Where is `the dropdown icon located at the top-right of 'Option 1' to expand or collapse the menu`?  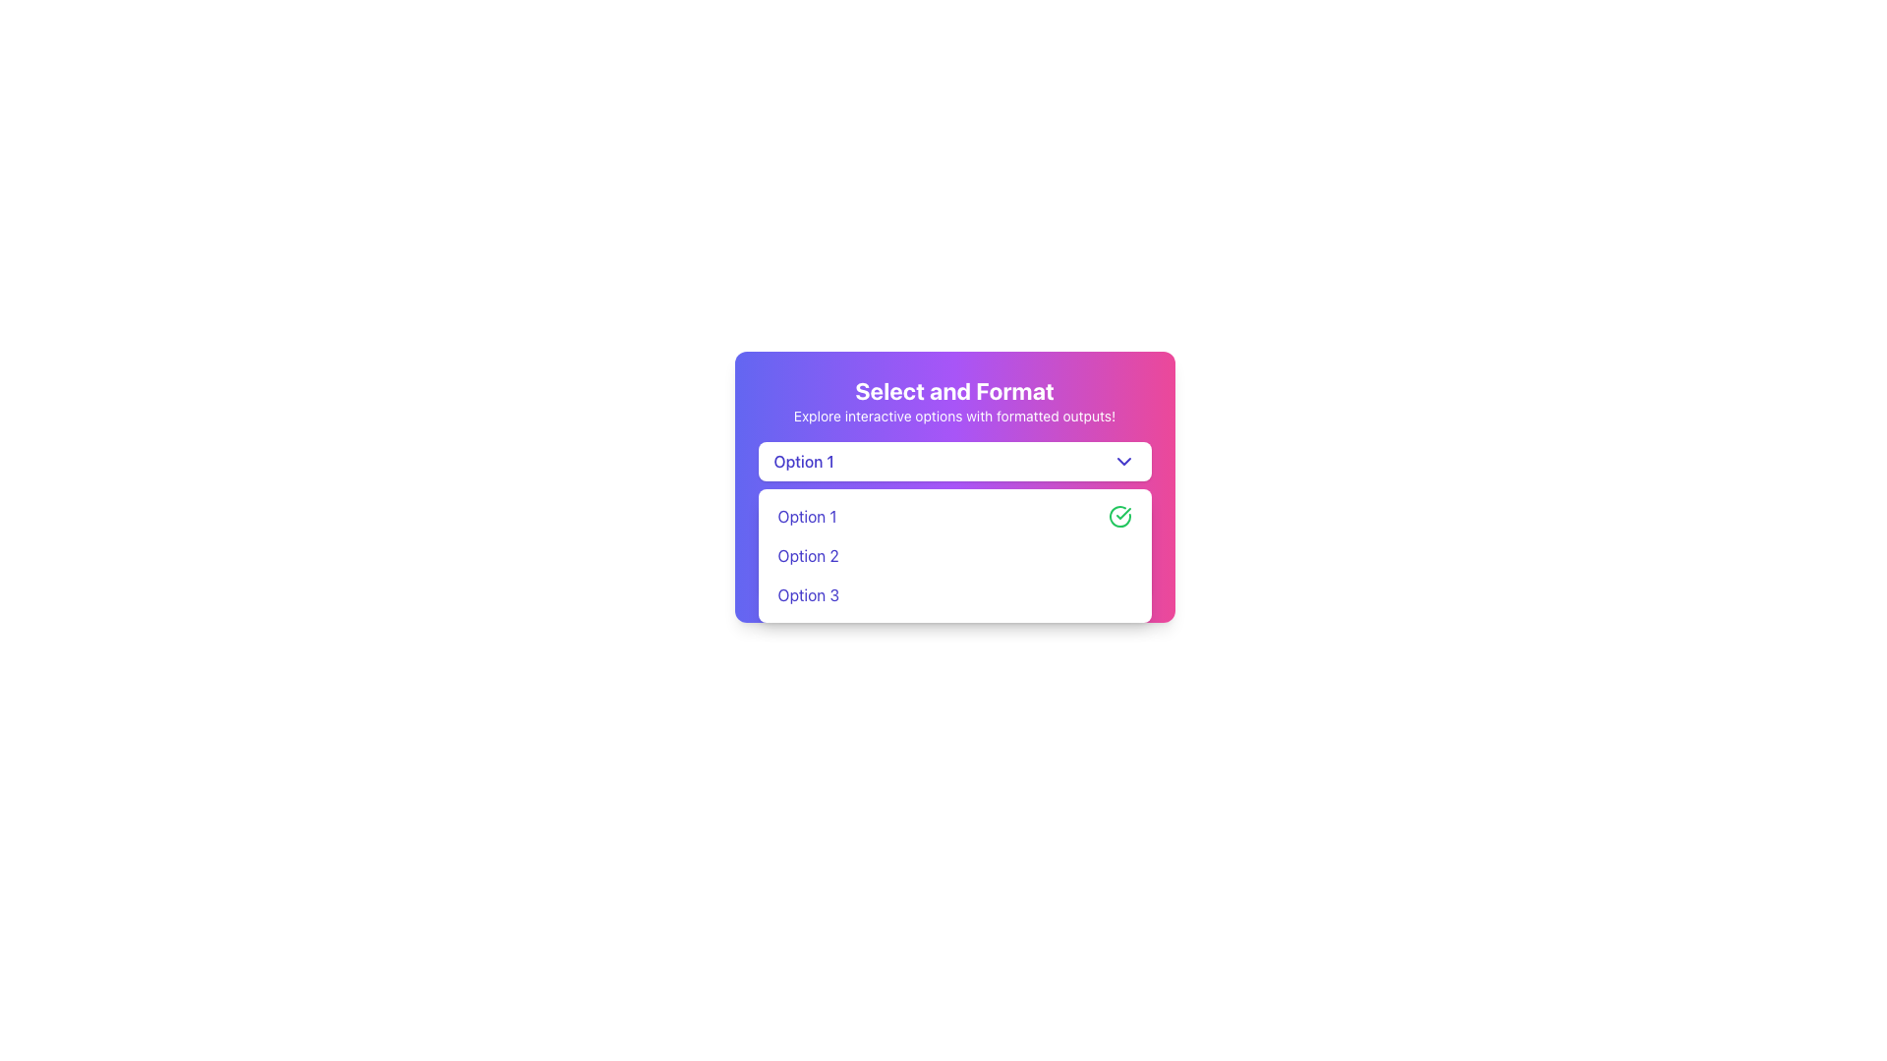 the dropdown icon located at the top-right of 'Option 1' to expand or collapse the menu is located at coordinates (1123, 462).